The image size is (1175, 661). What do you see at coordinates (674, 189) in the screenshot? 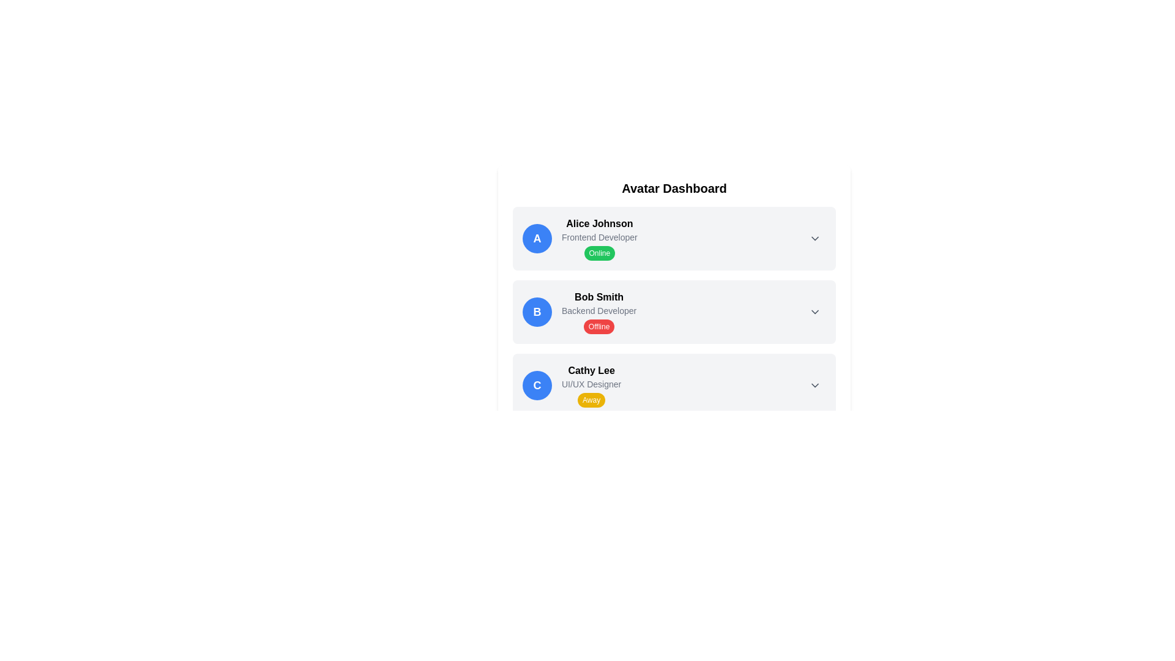
I see `the static text label that serves as the header for the 'Avatar Dashboard' section` at bounding box center [674, 189].